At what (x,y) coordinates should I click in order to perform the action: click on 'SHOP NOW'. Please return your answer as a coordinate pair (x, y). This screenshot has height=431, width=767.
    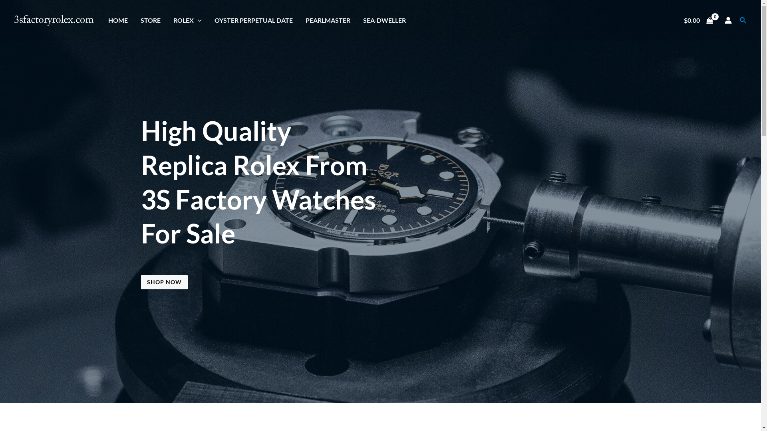
    Looking at the image, I should click on (140, 281).